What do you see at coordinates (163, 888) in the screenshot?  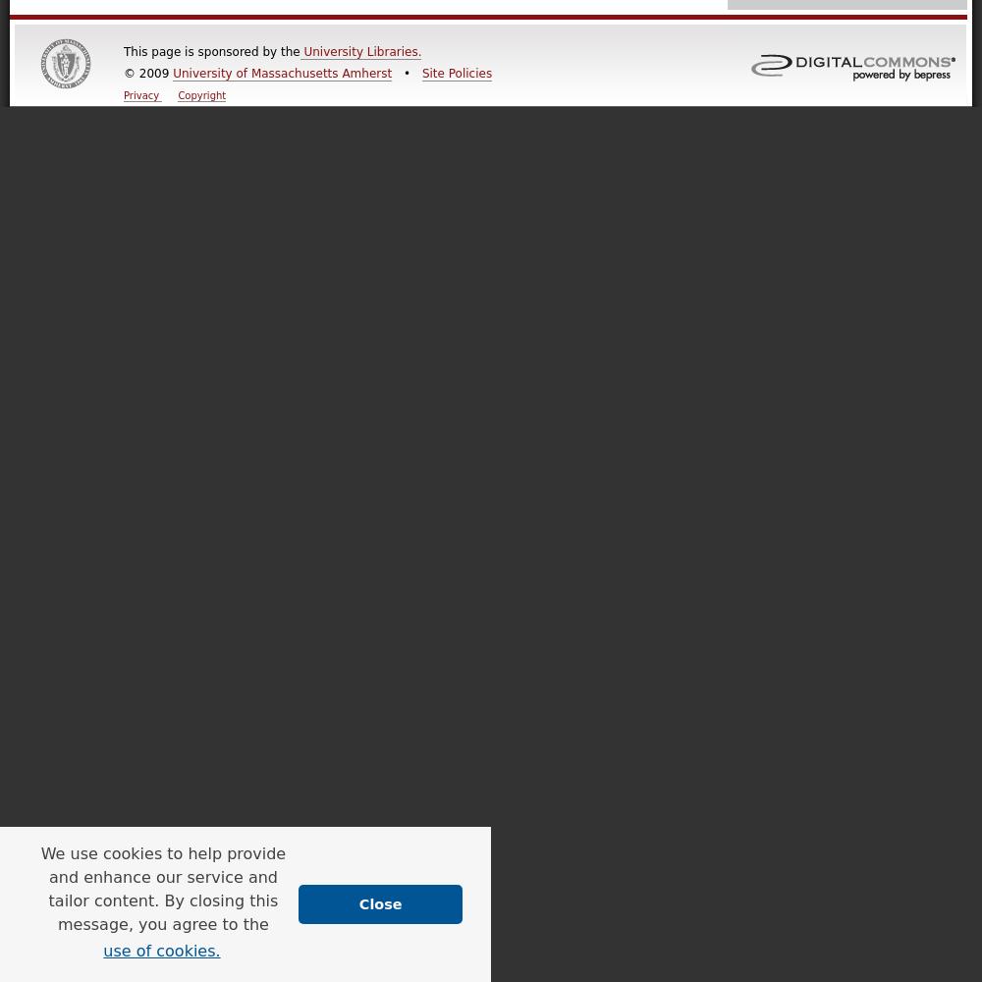 I see `'We use cookies to help provide and enhance our service and tailor content. By closing this message, you agree to the'` at bounding box center [163, 888].